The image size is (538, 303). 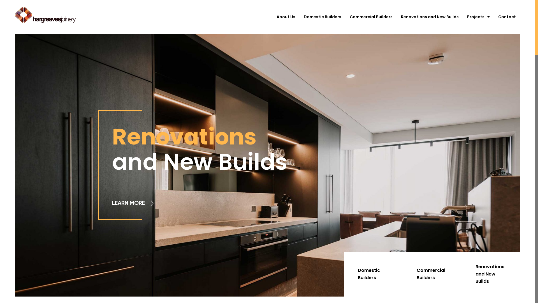 What do you see at coordinates (286, 17) in the screenshot?
I see `'About Us'` at bounding box center [286, 17].